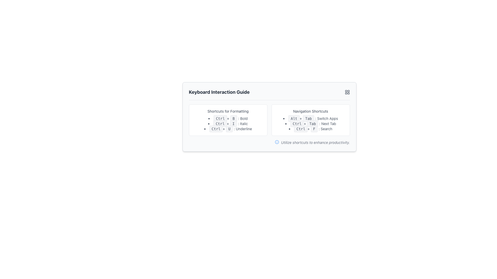  Describe the element at coordinates (311, 119) in the screenshot. I see `the first list item in the 'Navigation Shortcuts' section that explains the keyboard shortcut for switching between applications using 'Alt' and 'Tab'` at that location.